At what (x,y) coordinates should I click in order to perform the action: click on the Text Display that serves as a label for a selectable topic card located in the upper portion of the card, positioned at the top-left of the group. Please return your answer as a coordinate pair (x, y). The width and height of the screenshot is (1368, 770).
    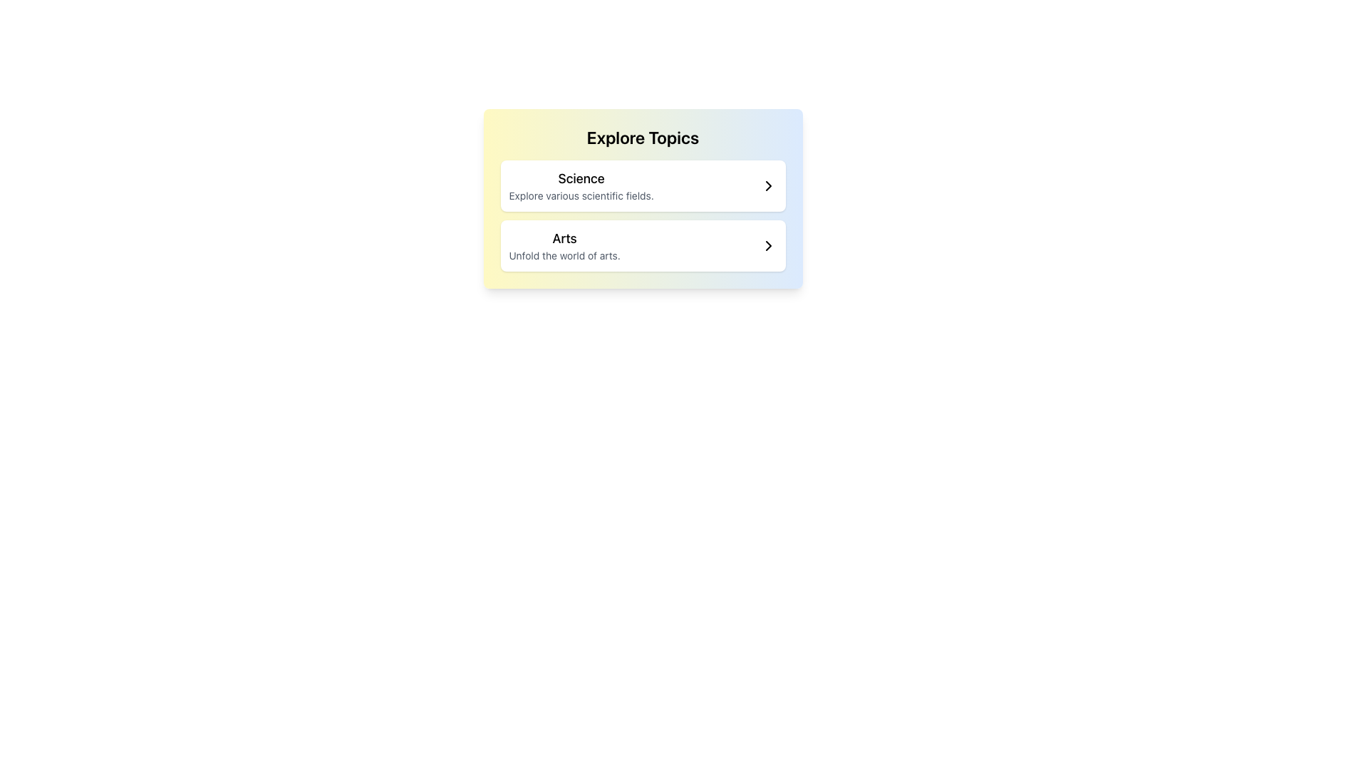
    Looking at the image, I should click on (581, 185).